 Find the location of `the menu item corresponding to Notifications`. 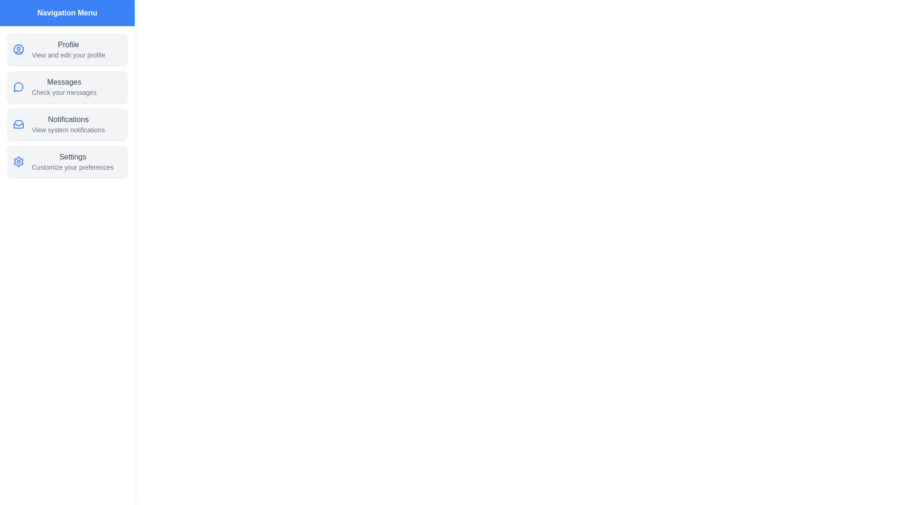

the menu item corresponding to Notifications is located at coordinates (67, 124).